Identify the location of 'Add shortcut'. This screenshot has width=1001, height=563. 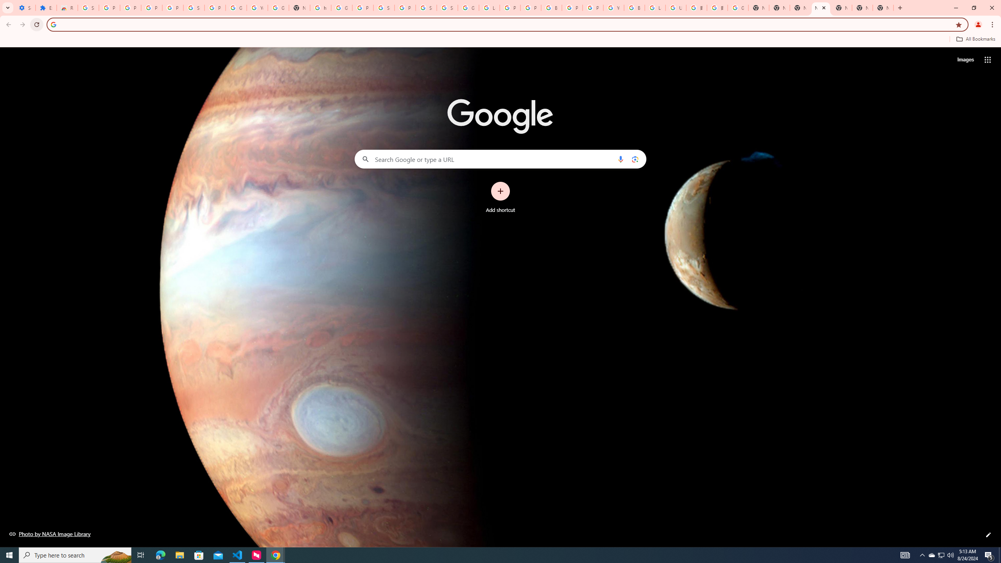
(500, 197).